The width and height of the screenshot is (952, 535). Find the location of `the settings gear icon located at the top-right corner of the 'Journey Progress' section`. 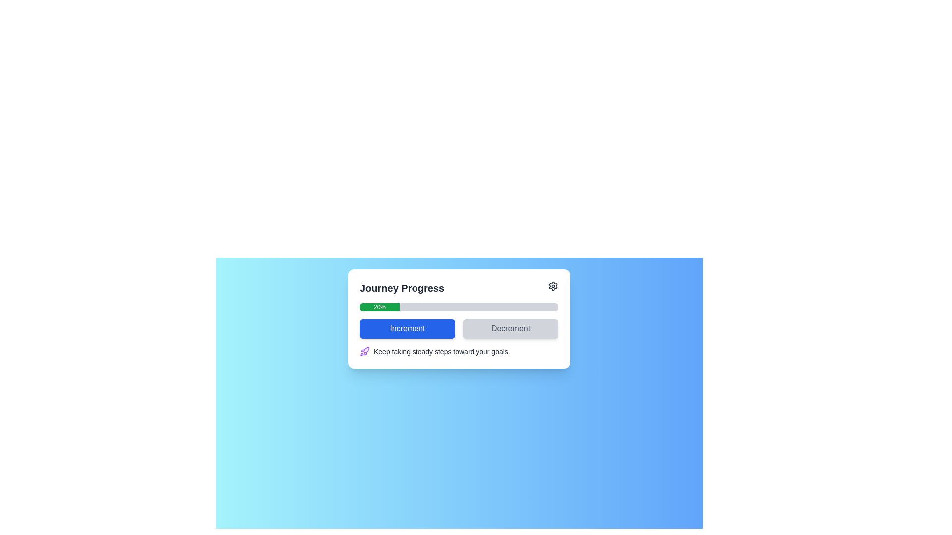

the settings gear icon located at the top-right corner of the 'Journey Progress' section is located at coordinates (553, 286).